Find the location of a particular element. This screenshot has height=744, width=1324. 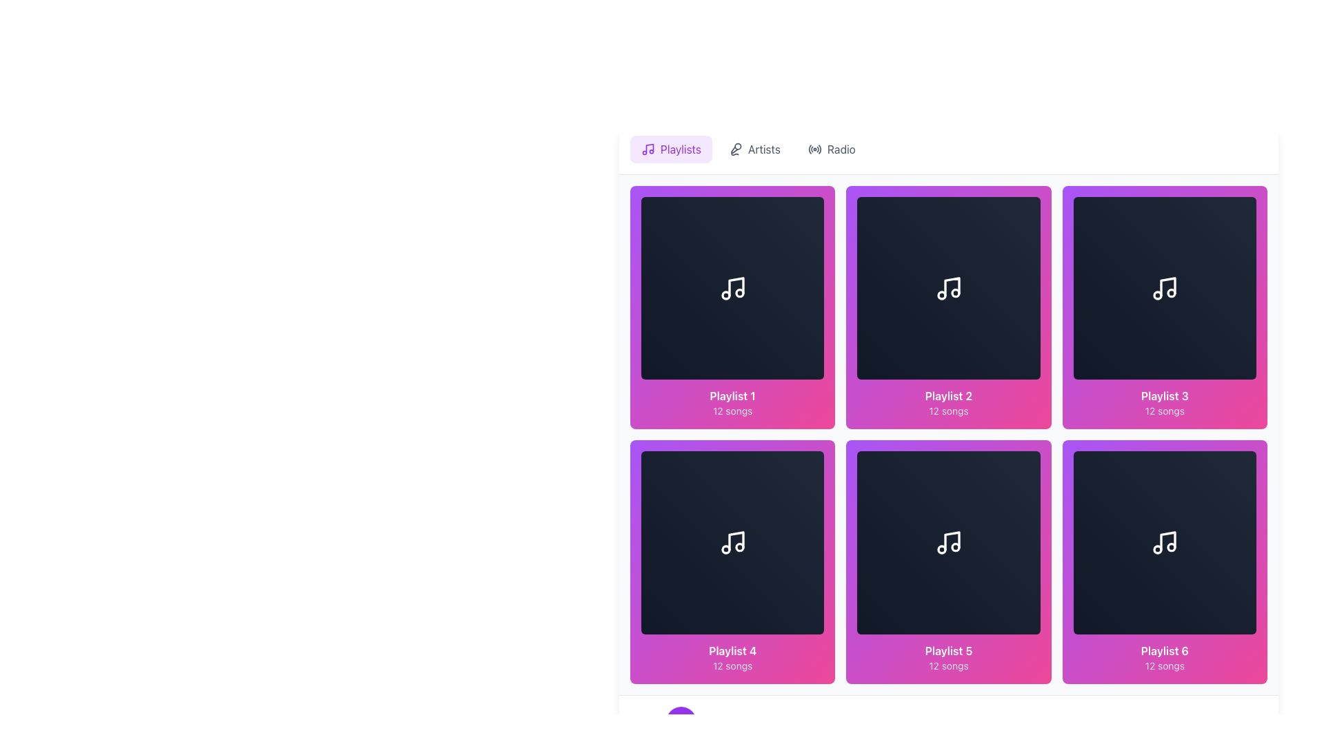

the vertical line of the musical note icon located in the 'Playlists' button on the header menu bar with a purple background is located at coordinates (649, 148).